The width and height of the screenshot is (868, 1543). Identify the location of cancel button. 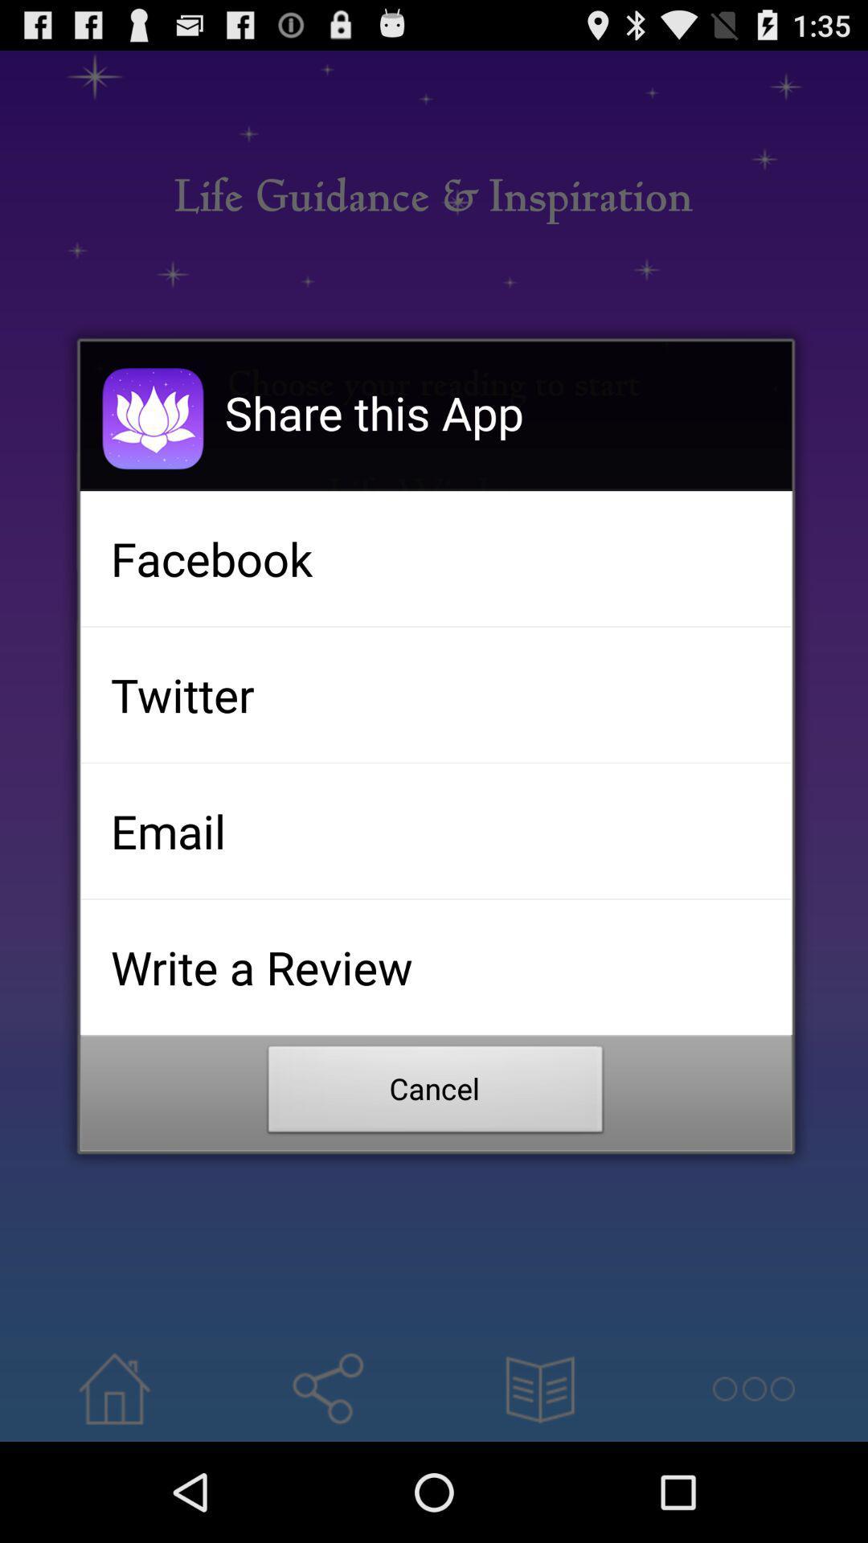
(436, 1093).